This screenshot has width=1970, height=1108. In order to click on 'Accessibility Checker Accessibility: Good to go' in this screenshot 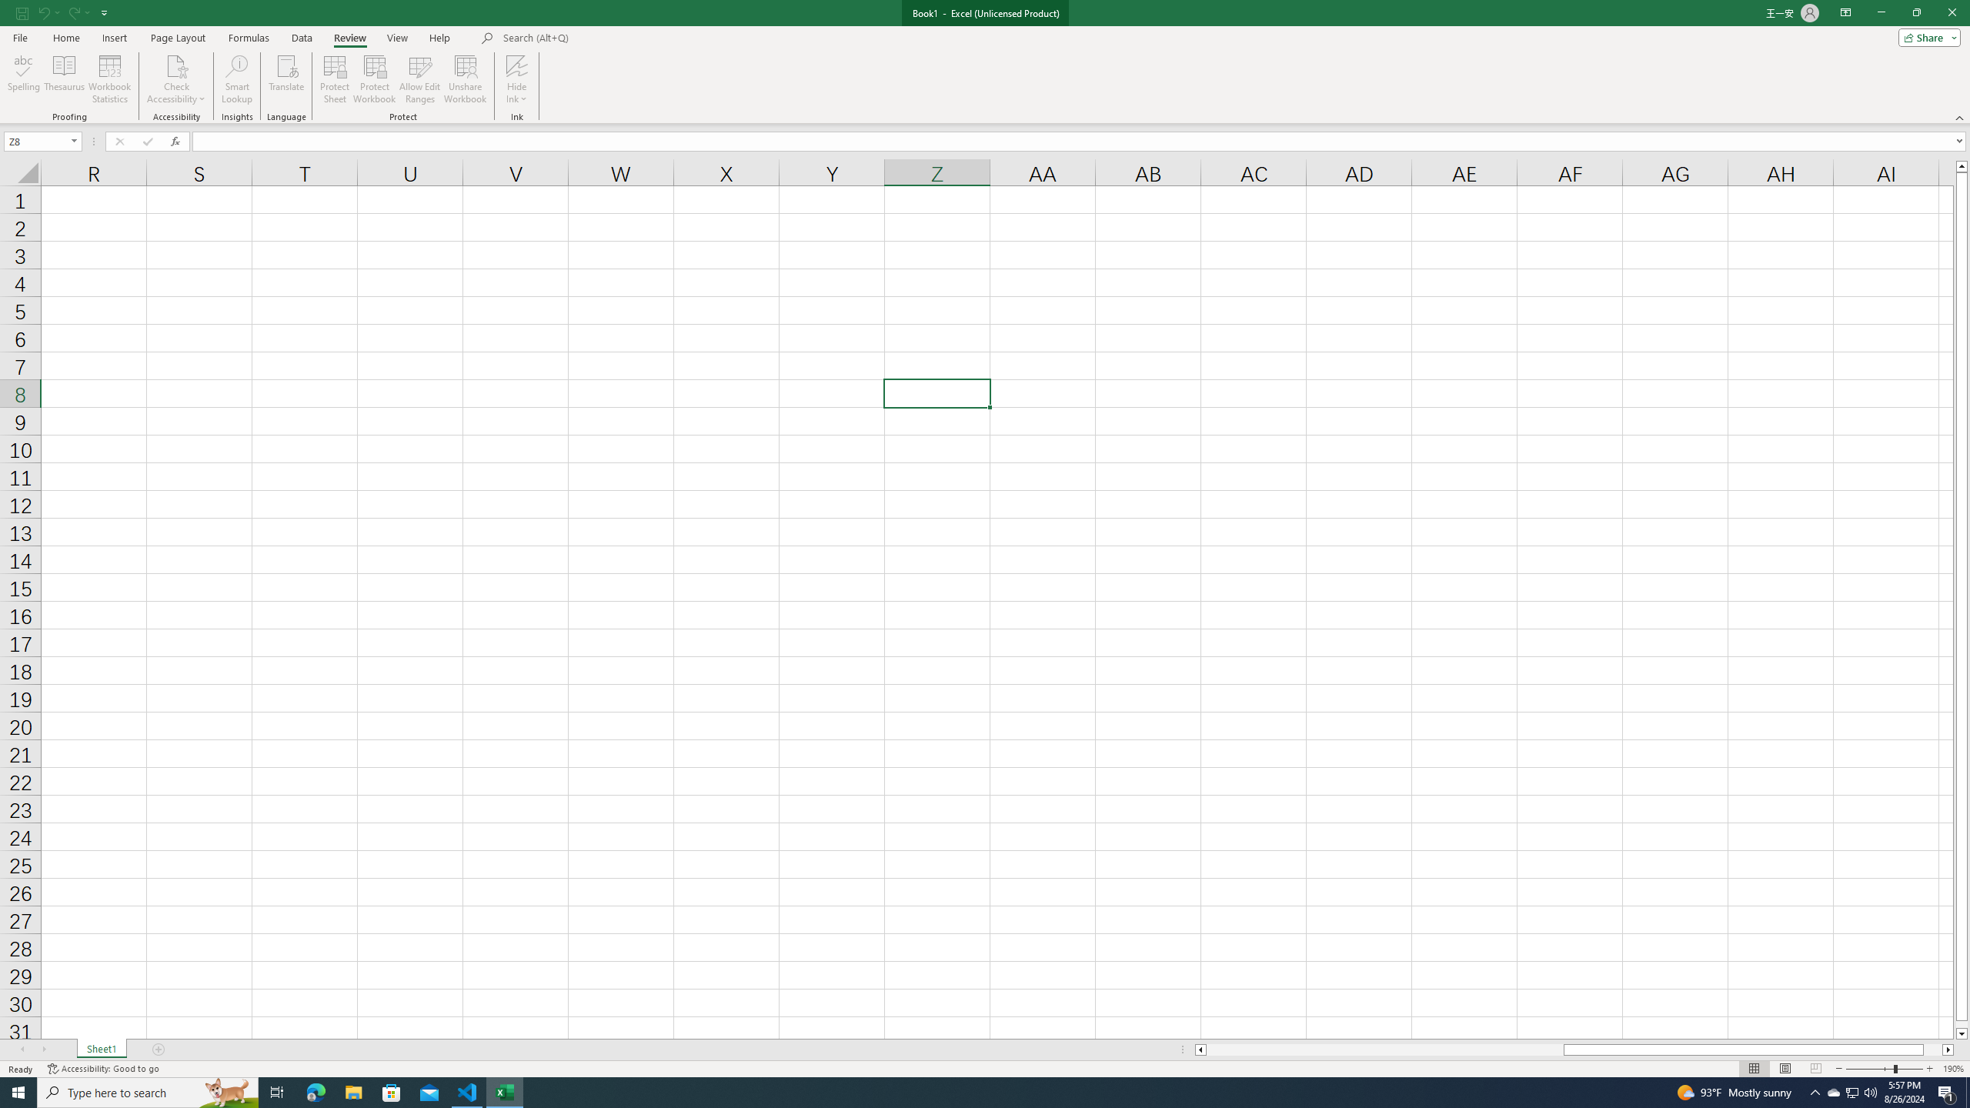, I will do `click(103, 1069)`.